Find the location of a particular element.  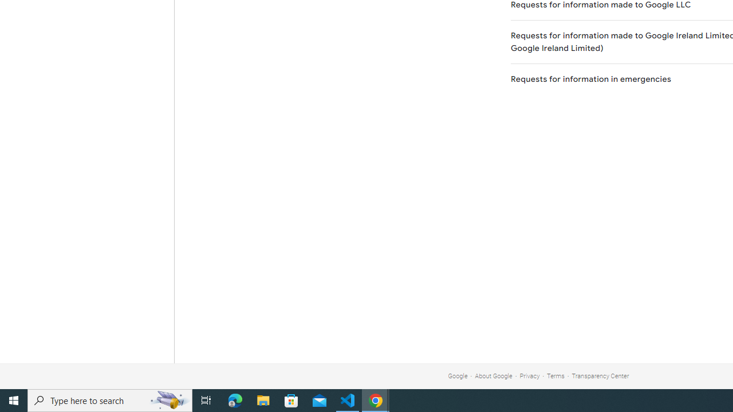

'About Google' is located at coordinates (494, 376).